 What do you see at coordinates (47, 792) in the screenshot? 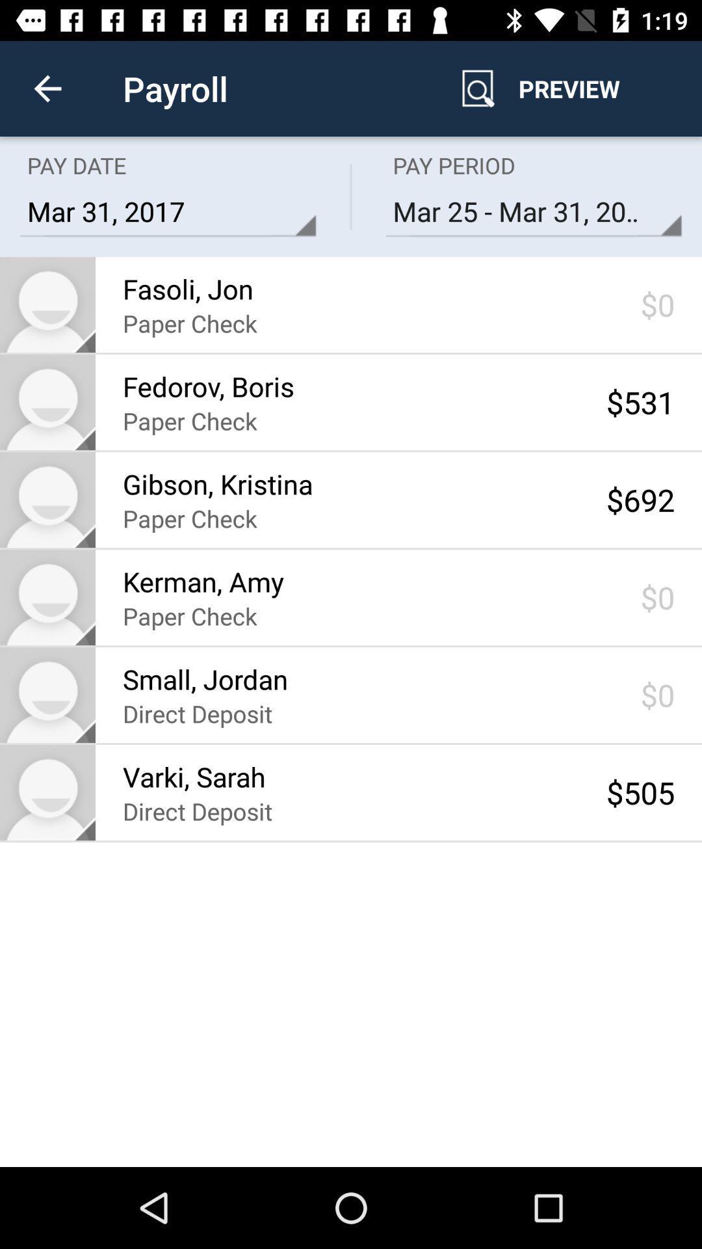
I see `the user` at bounding box center [47, 792].